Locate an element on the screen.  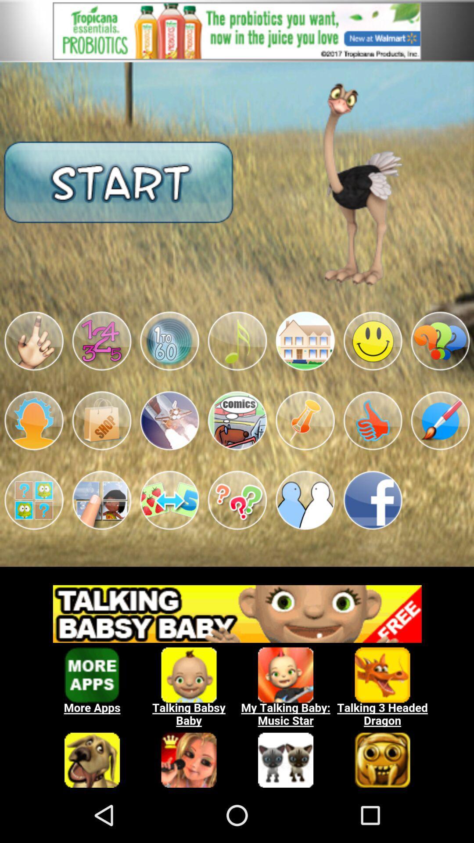
start is located at coordinates (118, 181).